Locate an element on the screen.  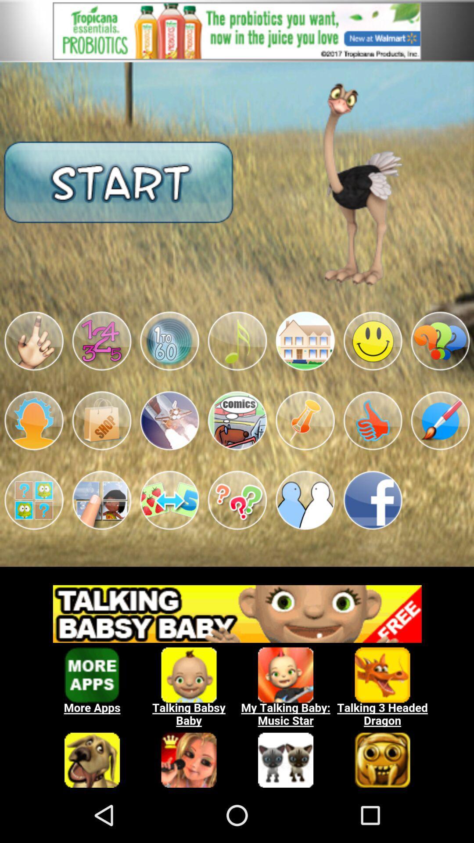
start is located at coordinates (118, 181).